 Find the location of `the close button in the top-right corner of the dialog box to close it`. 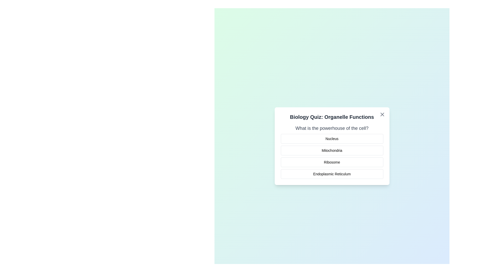

the close button in the top-right corner of the dialog box to close it is located at coordinates (382, 114).